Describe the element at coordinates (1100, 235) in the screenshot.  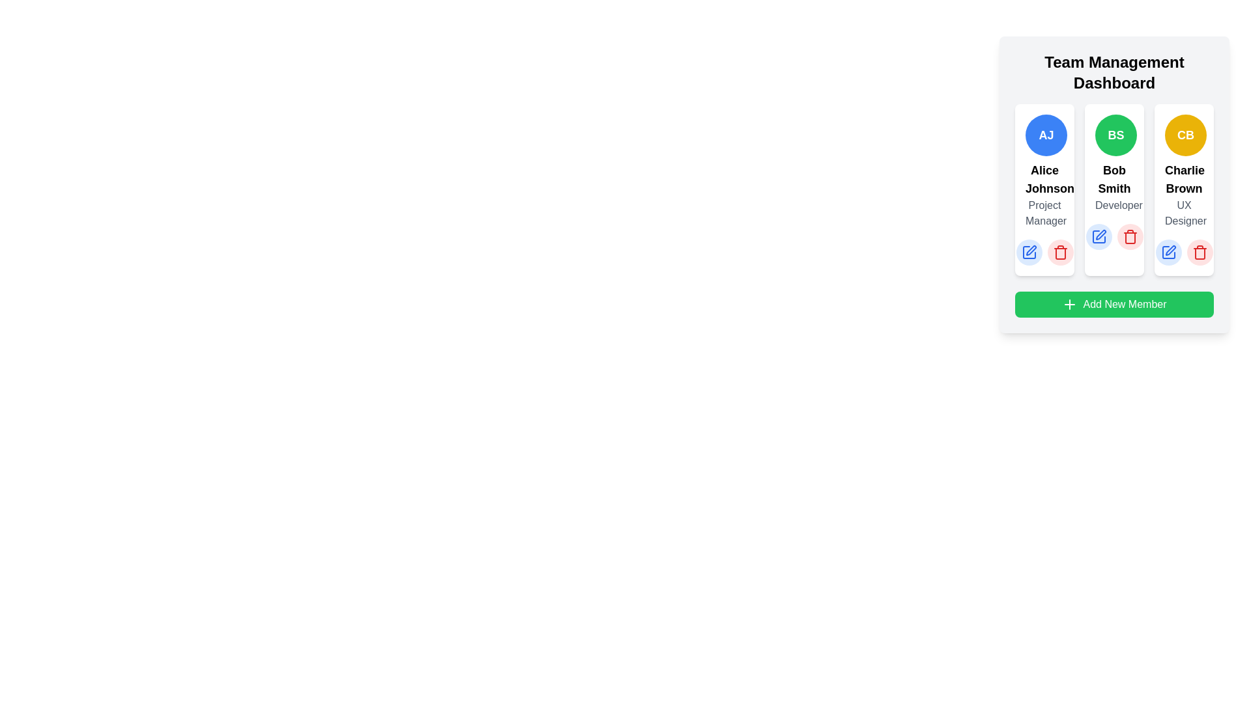
I see `the SVG graphical icon for editing details associated with the 'Bob Smith' profile, which is located in the second card of the 'Team Management Dashboard', next to the delete icon` at that location.